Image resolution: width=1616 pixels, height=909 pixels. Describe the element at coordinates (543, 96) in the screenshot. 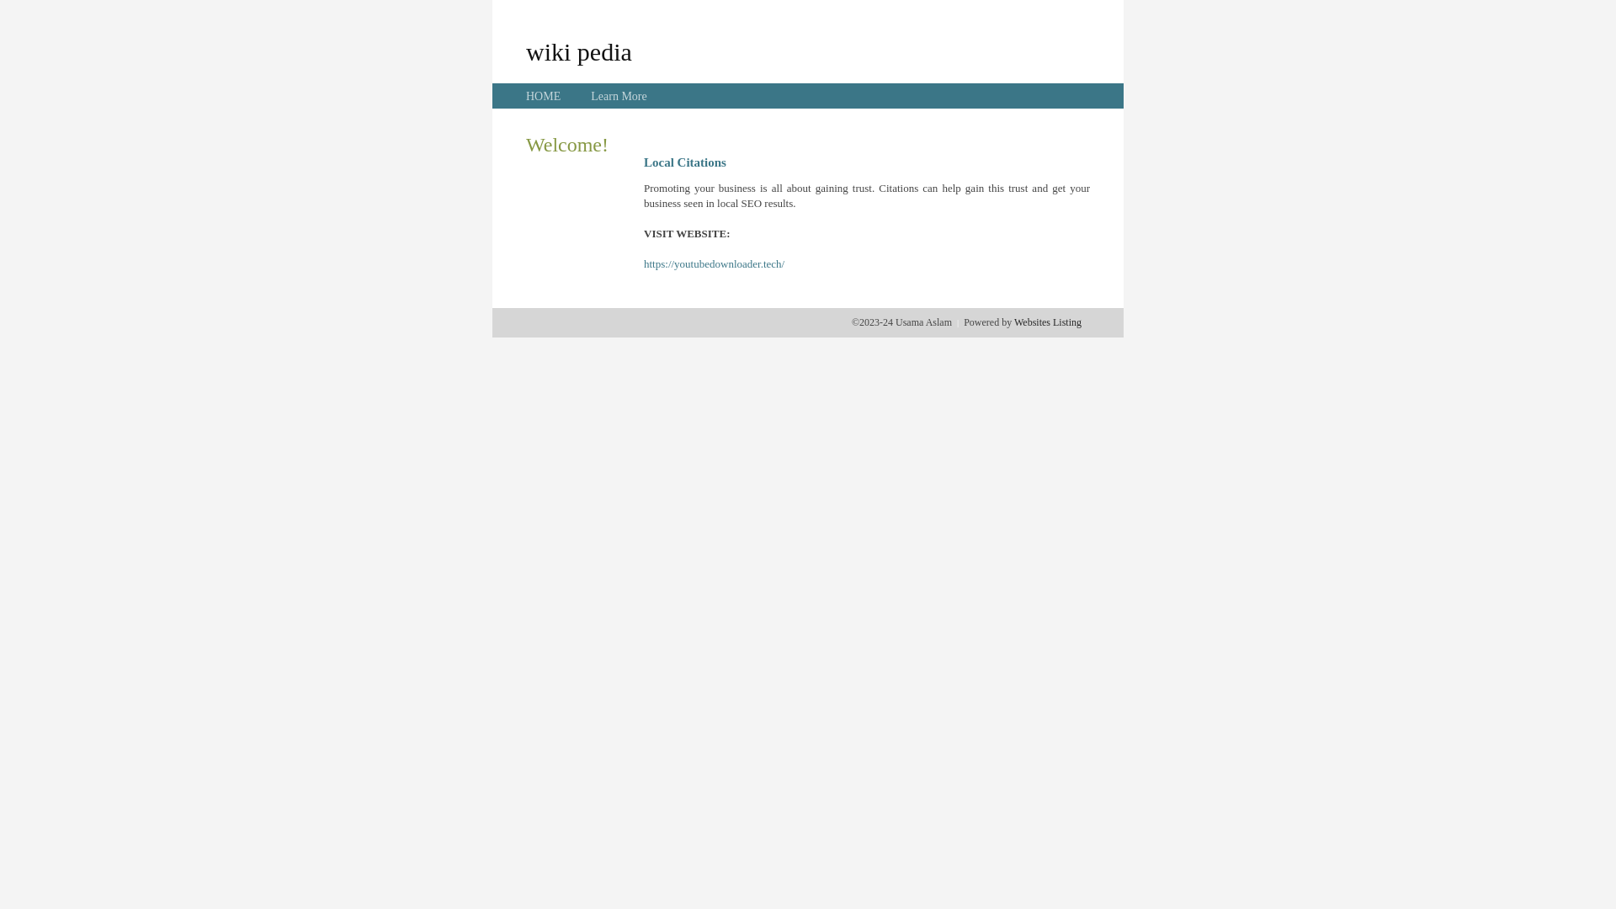

I see `'HOME'` at that location.